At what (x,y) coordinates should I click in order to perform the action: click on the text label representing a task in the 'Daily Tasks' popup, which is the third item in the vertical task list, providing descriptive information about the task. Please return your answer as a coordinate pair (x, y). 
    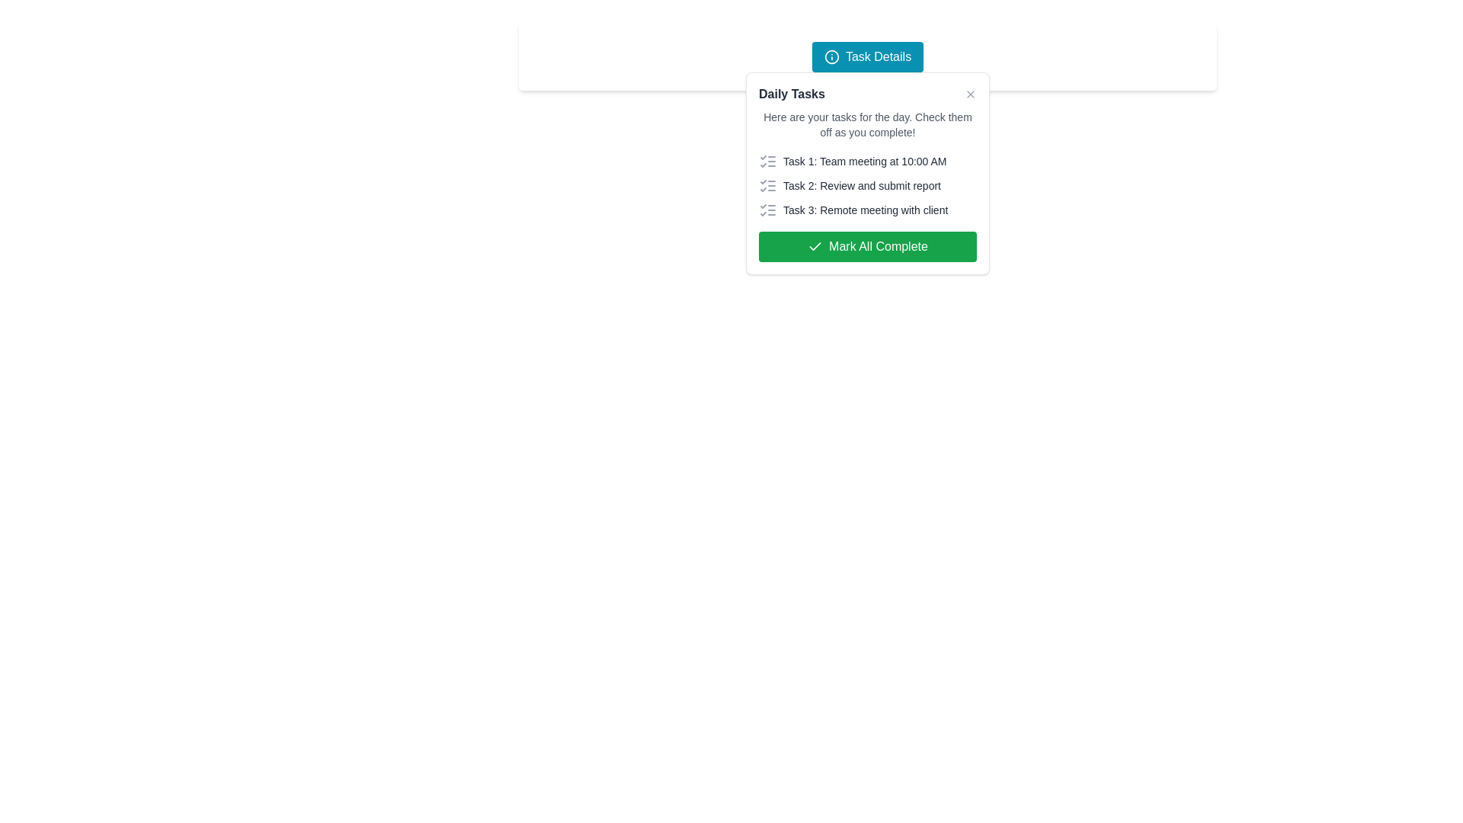
    Looking at the image, I should click on (867, 210).